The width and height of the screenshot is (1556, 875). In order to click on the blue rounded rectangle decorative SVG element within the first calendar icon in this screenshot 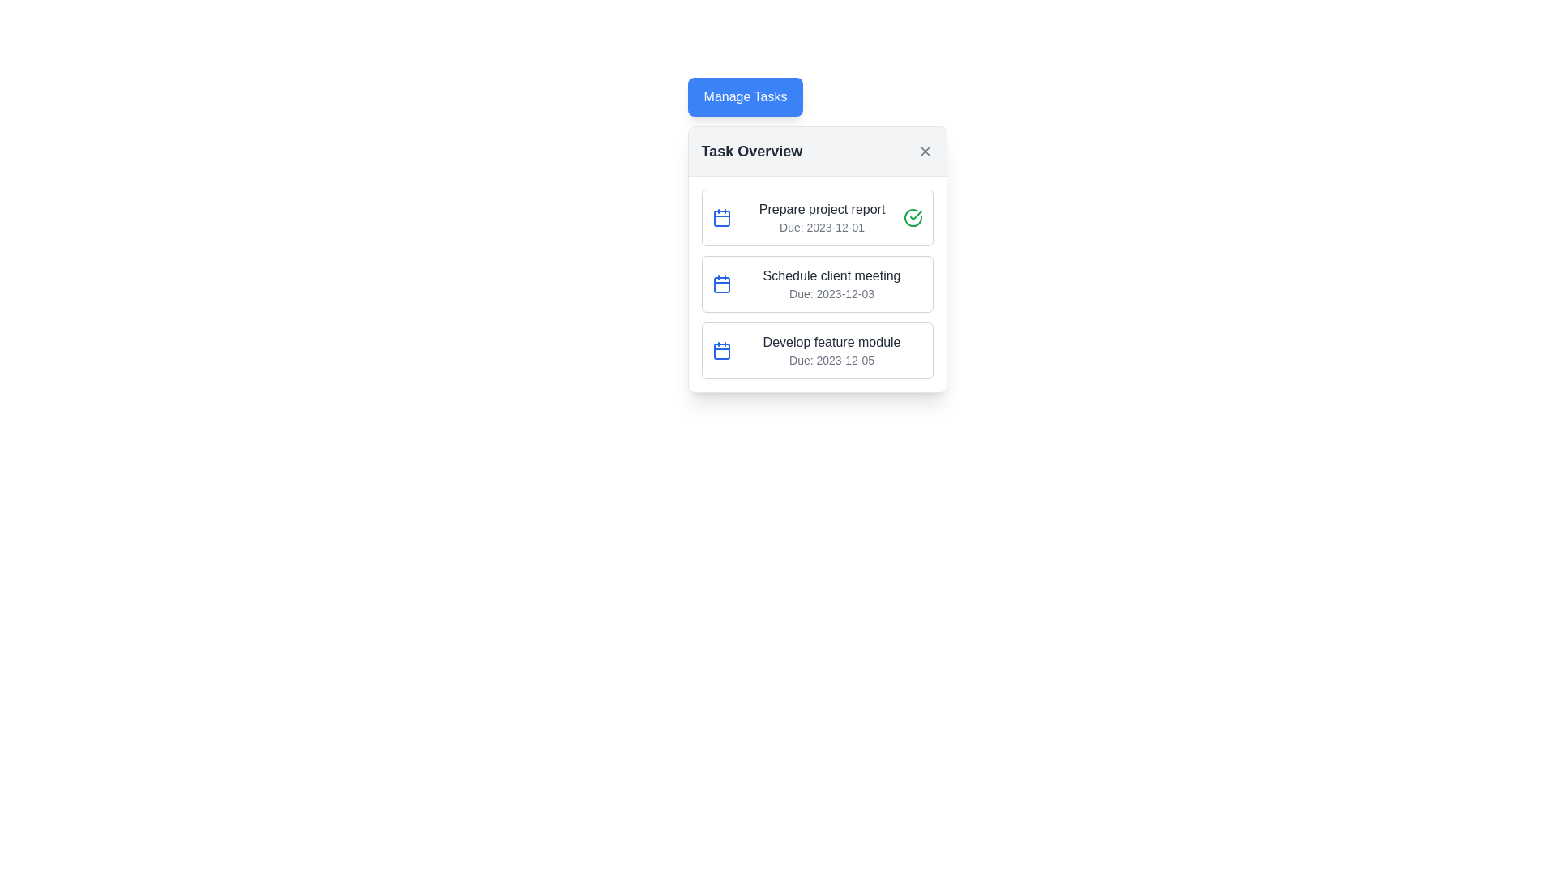, I will do `click(720, 219)`.